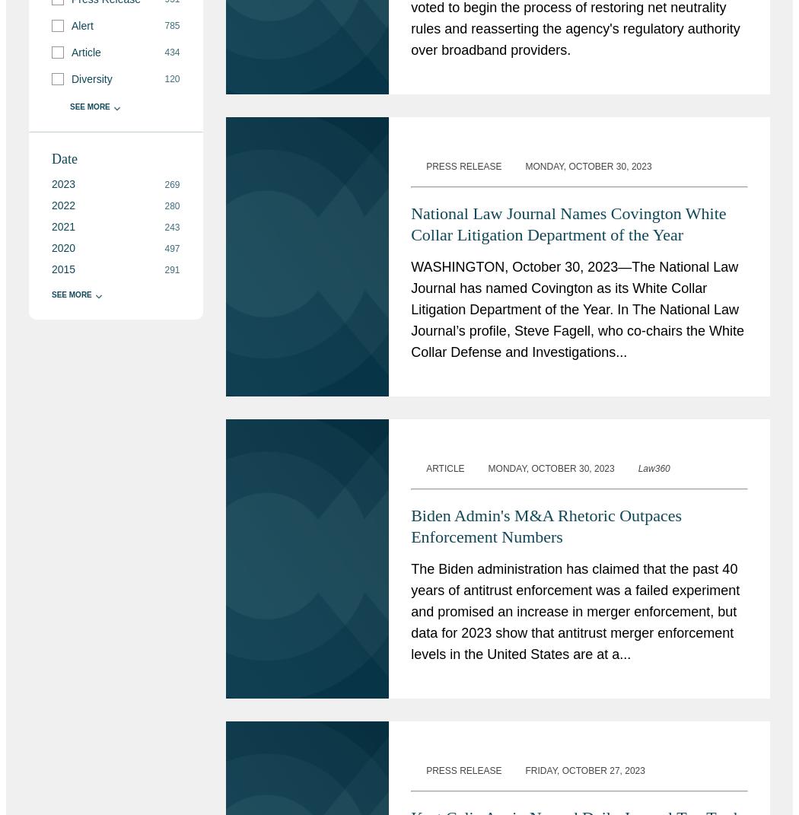  I want to click on '291', so click(171, 269).